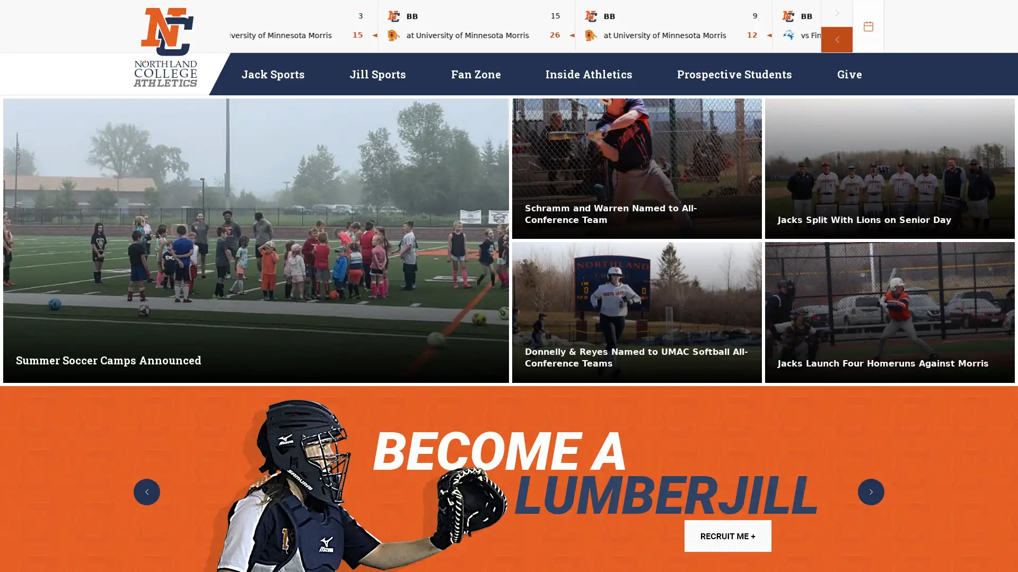 The image size is (1018, 572). I want to click on previous, so click(146, 491).